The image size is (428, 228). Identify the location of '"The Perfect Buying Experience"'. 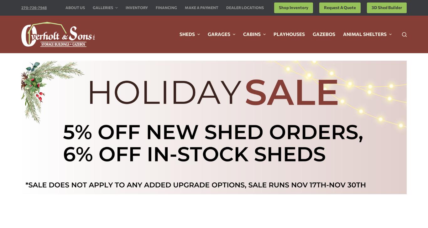
(213, 79).